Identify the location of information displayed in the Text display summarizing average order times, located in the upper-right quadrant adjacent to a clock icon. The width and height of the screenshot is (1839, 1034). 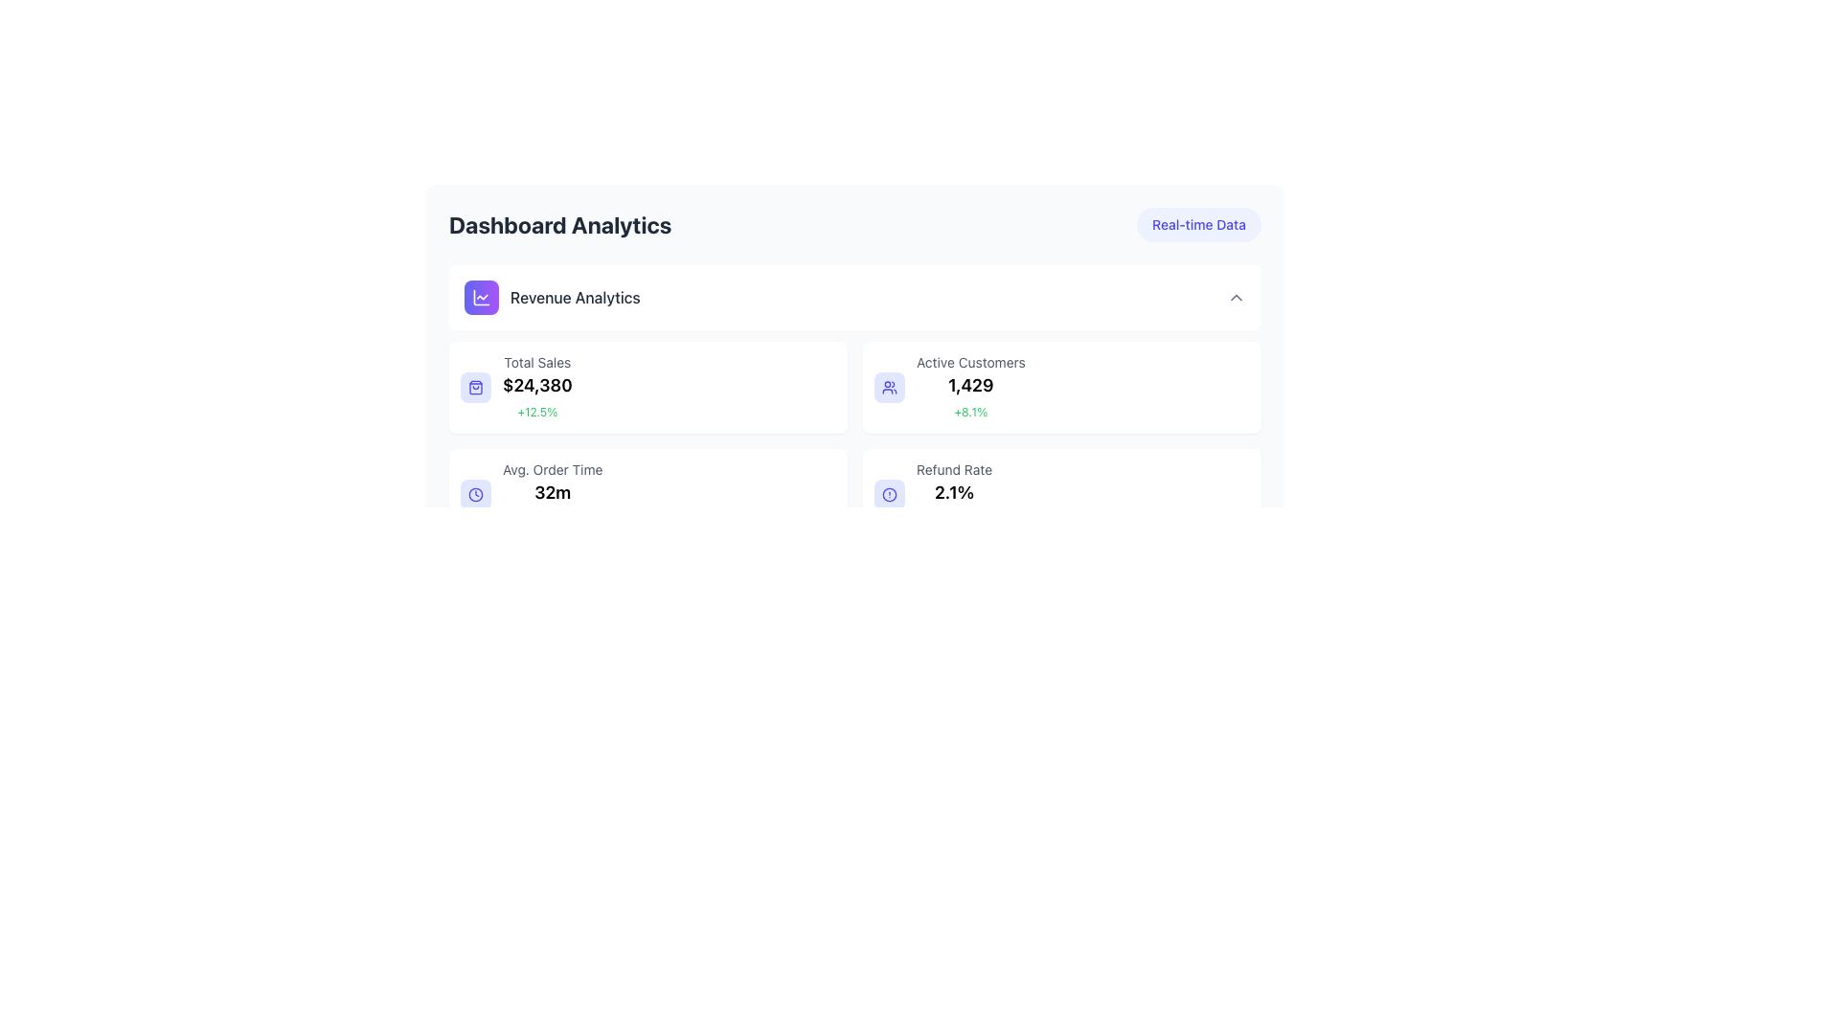
(552, 493).